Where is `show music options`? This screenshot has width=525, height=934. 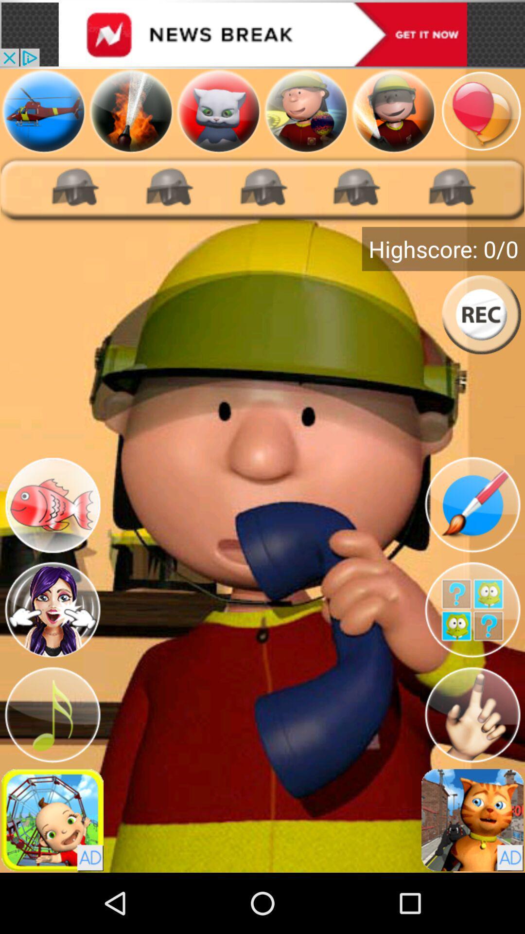
show music options is located at coordinates (52, 715).